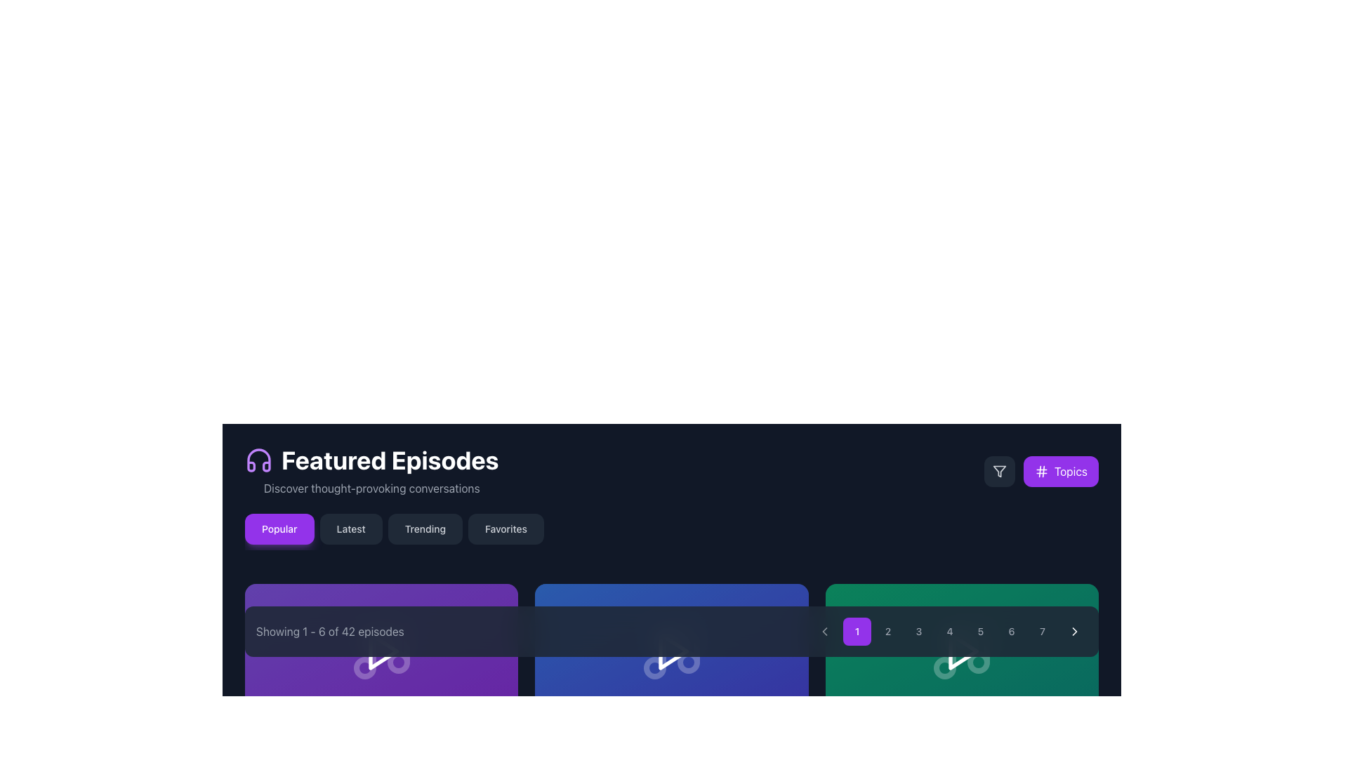 This screenshot has width=1348, height=758. I want to click on the pagination page number button, so click(670, 630).